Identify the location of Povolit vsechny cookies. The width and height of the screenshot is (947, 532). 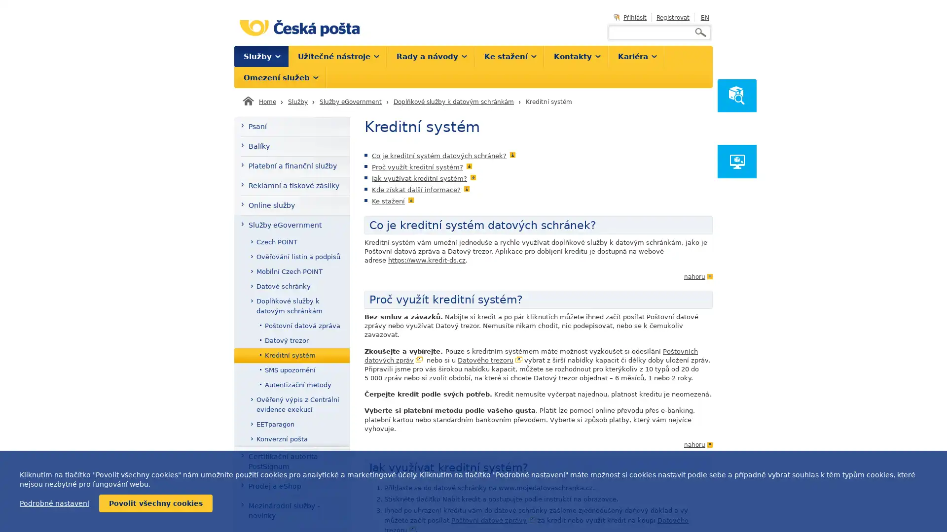
(155, 503).